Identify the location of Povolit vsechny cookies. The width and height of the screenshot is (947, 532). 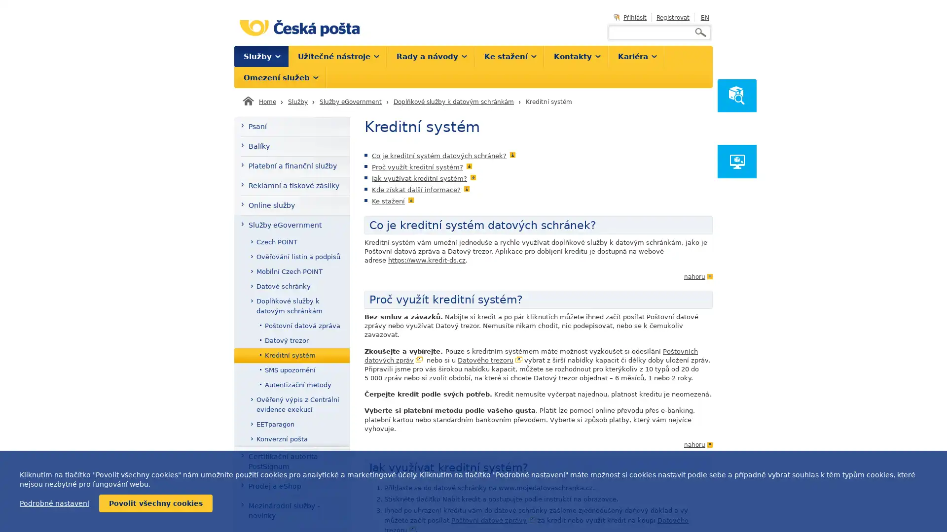
(155, 503).